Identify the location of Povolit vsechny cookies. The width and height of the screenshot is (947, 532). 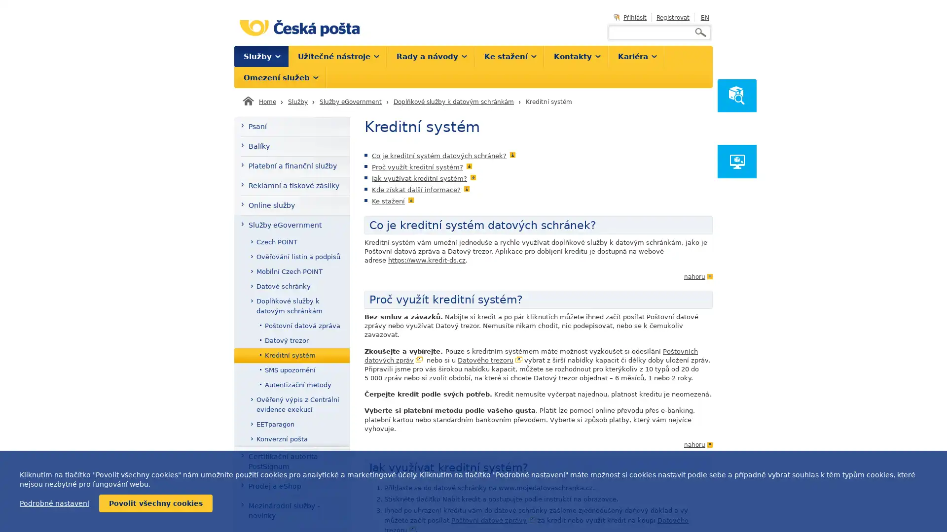
(155, 503).